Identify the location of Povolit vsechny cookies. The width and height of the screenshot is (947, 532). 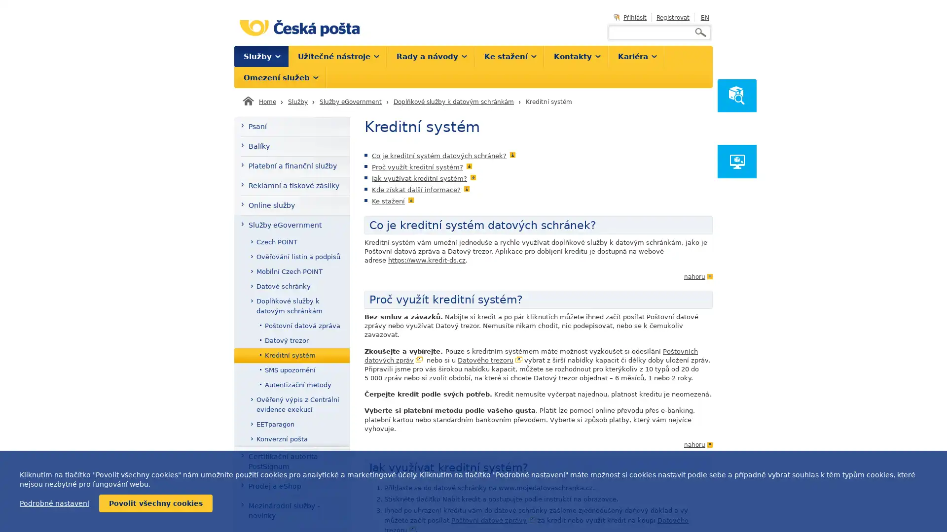
(155, 503).